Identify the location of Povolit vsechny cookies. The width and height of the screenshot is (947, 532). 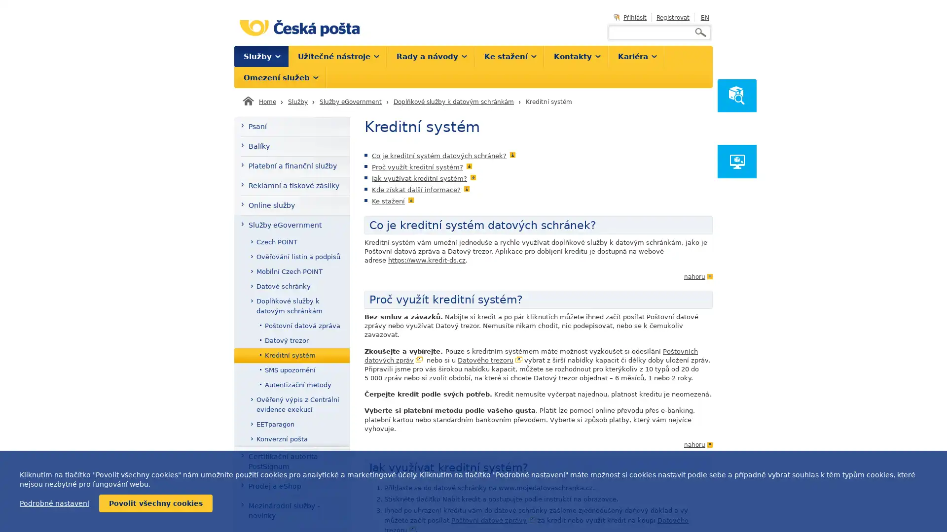
(155, 503).